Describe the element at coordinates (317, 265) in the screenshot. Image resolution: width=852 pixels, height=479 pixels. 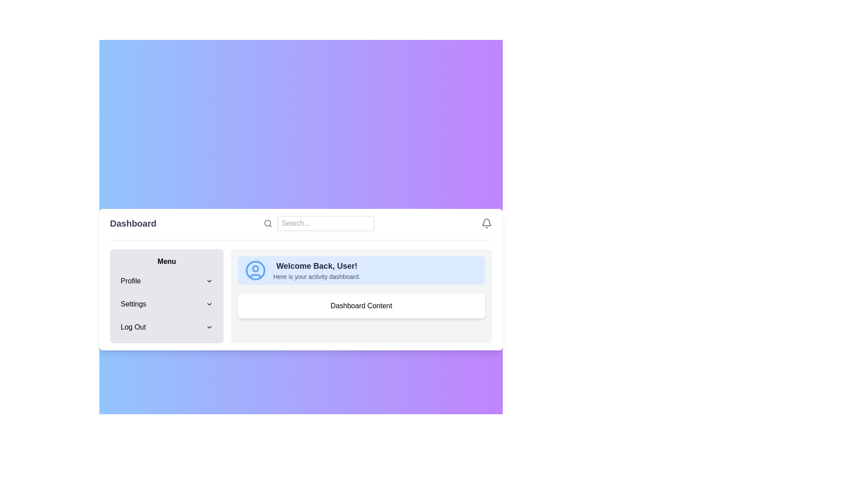
I see `the personalized greeting text label located near the top-right of the light blue panel on the dashboard` at that location.